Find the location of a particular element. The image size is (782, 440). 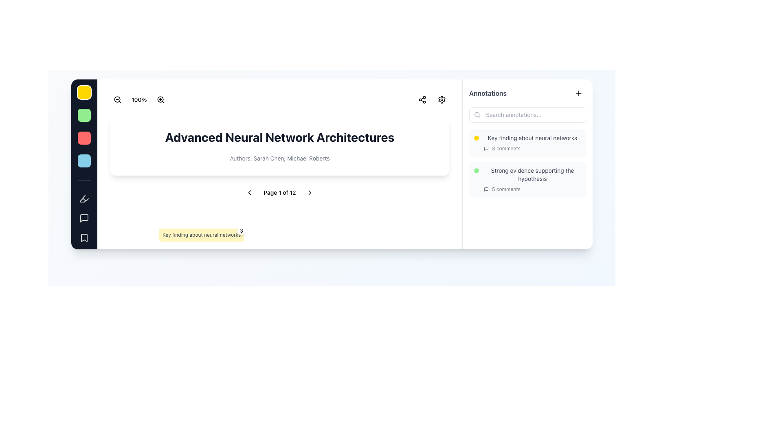

the plus icon located at the top right corner of the 'Annotations' section is located at coordinates (578, 92).